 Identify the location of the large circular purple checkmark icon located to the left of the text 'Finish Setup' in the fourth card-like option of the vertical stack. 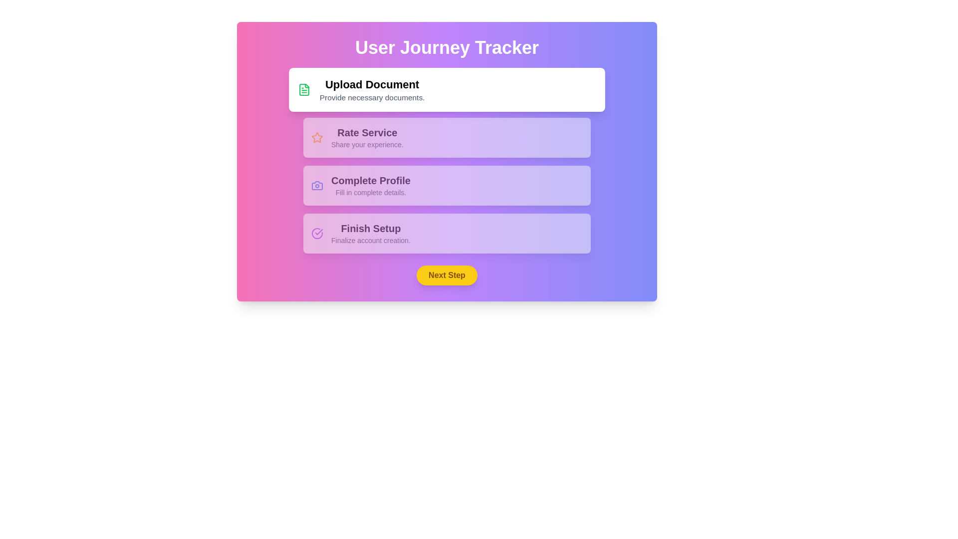
(316, 233).